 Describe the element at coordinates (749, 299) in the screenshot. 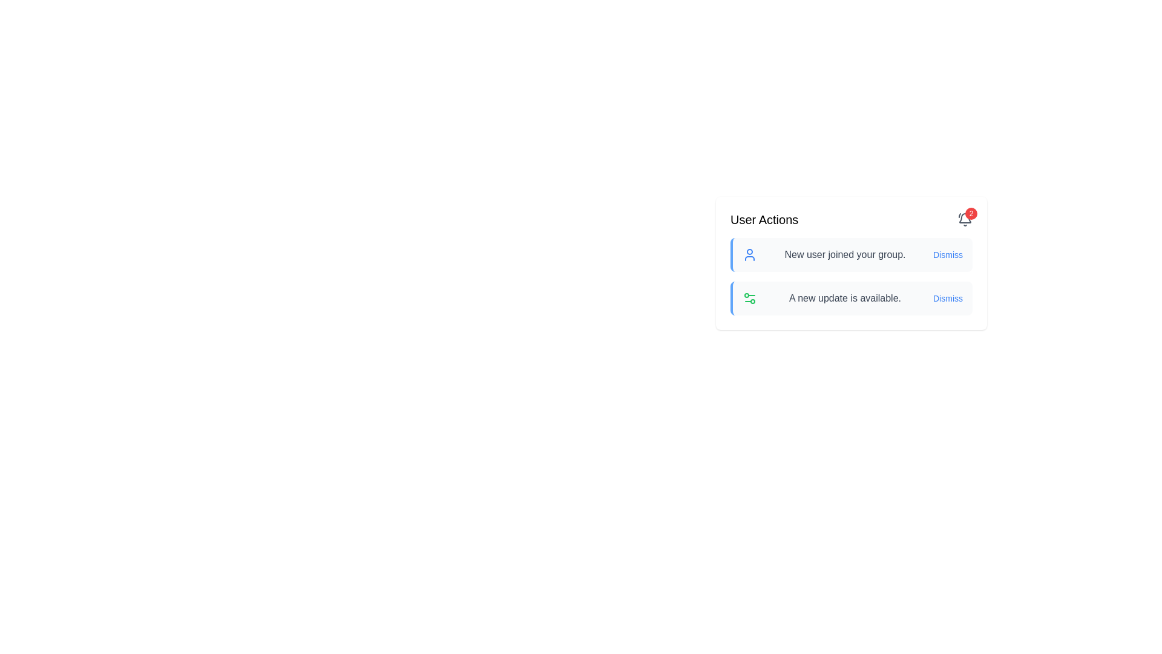

I see `the icon representing the visual indicator for the notification message labeled 'A new update is available.'` at that location.